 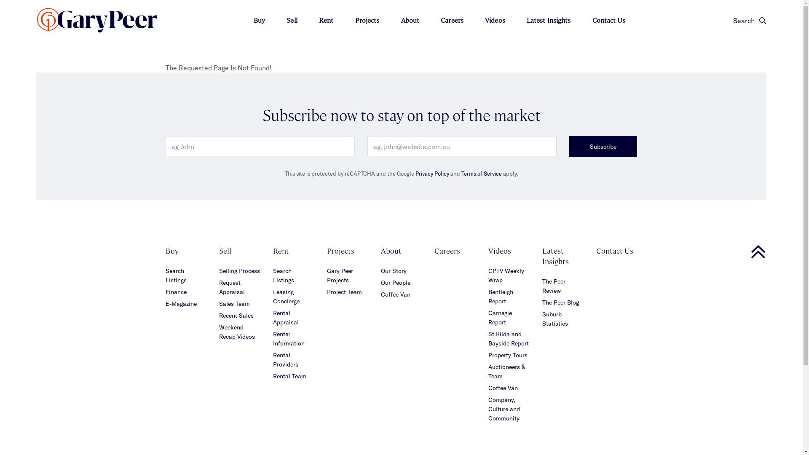 What do you see at coordinates (554, 285) in the screenshot?
I see `'The Peer Review'` at bounding box center [554, 285].